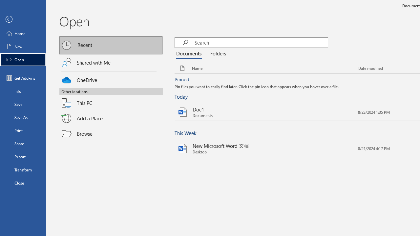  I want to click on 'New', so click(23, 46).